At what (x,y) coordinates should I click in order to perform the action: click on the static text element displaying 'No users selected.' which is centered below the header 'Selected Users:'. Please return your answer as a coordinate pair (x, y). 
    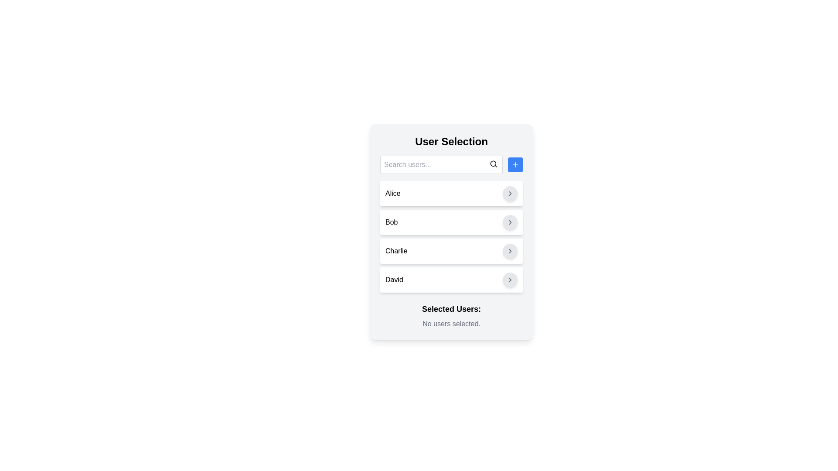
    Looking at the image, I should click on (451, 324).